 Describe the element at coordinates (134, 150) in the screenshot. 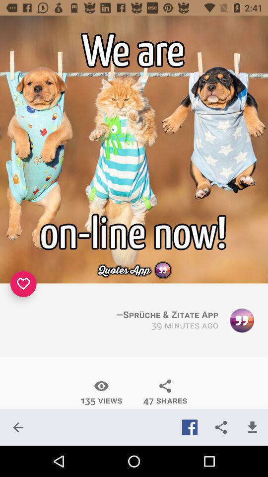

I see `tap anywhere to open the quotes app` at that location.